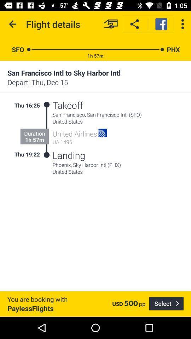  I want to click on the item above phx icon, so click(183, 24).